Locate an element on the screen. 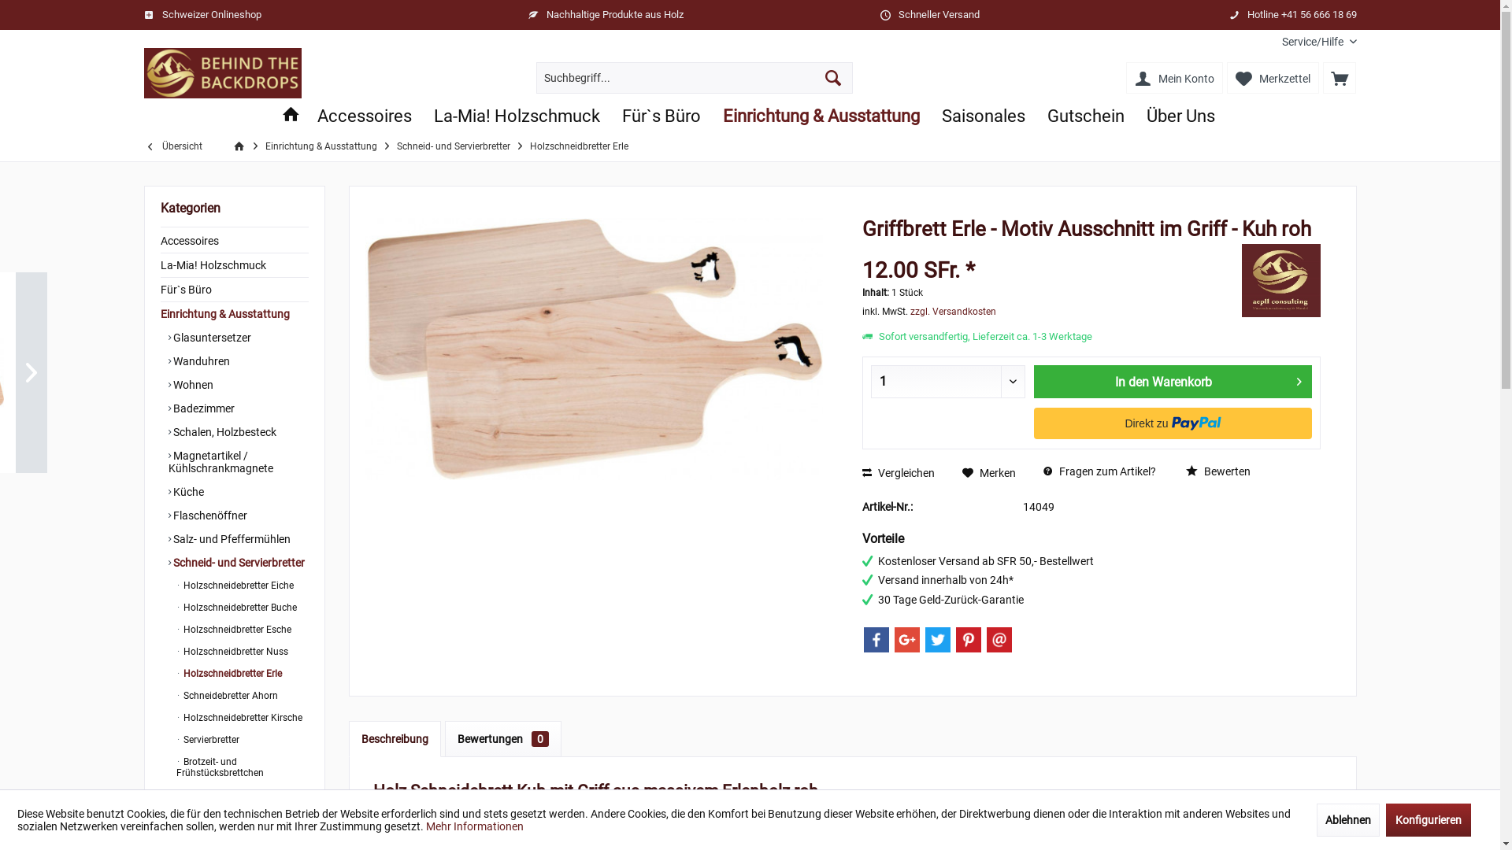 This screenshot has width=1512, height=850. 'Schneid- und Servierbretter' is located at coordinates (169, 561).